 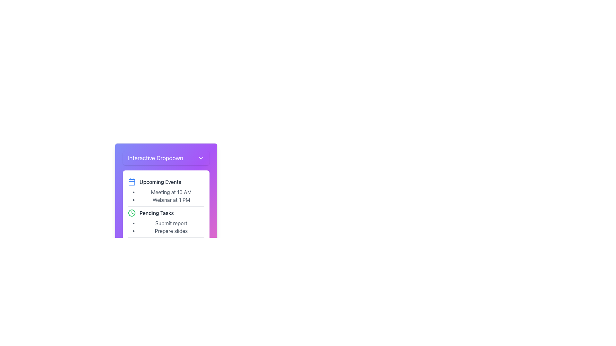 What do you see at coordinates (132, 213) in the screenshot?
I see `the circular shape resembling the boundary of a clock face in the 'Pending Tasks' section of the dropdown menu, which is part of an SVG icon and is centrally located within this icon` at bounding box center [132, 213].